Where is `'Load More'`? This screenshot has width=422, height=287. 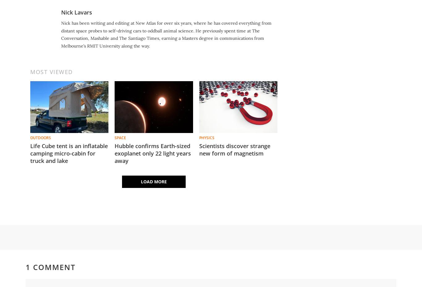 'Load More' is located at coordinates (154, 181).